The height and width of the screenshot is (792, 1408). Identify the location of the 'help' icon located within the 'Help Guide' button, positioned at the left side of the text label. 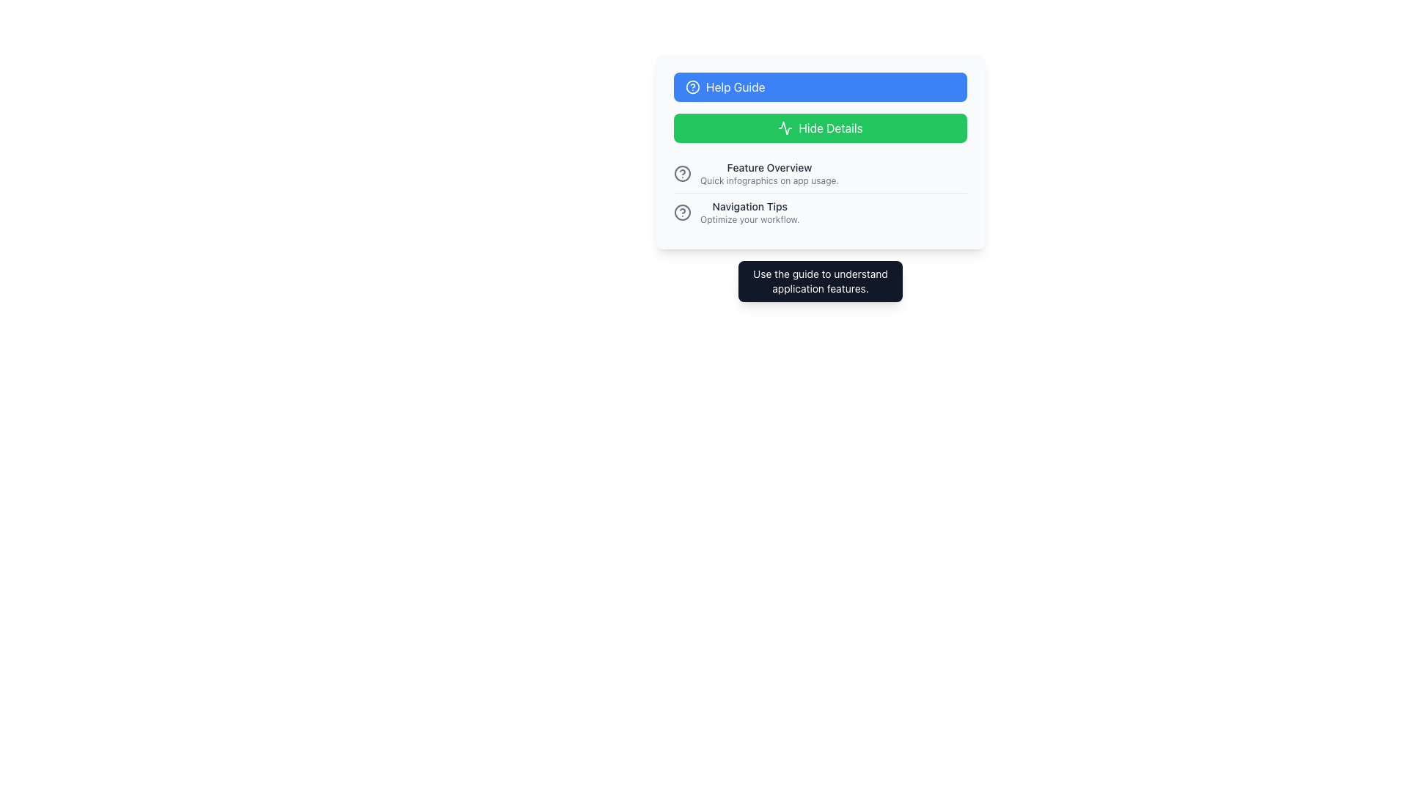
(692, 87).